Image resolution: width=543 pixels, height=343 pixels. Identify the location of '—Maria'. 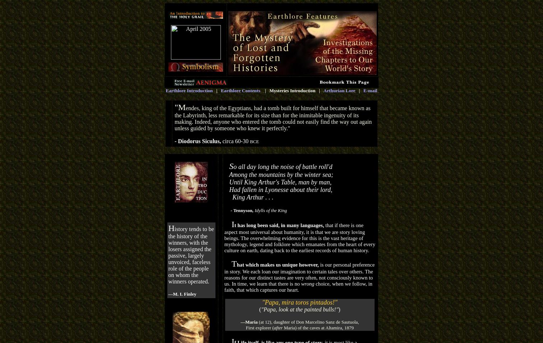
(249, 322).